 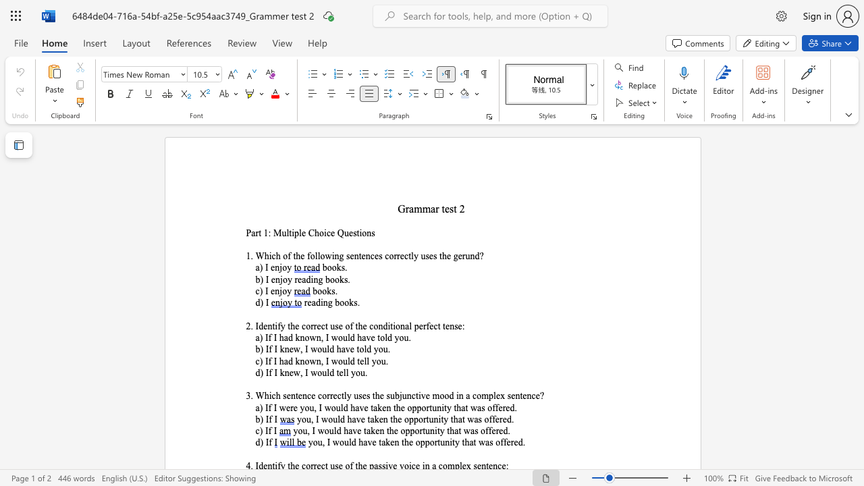 What do you see at coordinates (278, 290) in the screenshot?
I see `the space between the continuous character "n" and "j" in the text` at bounding box center [278, 290].